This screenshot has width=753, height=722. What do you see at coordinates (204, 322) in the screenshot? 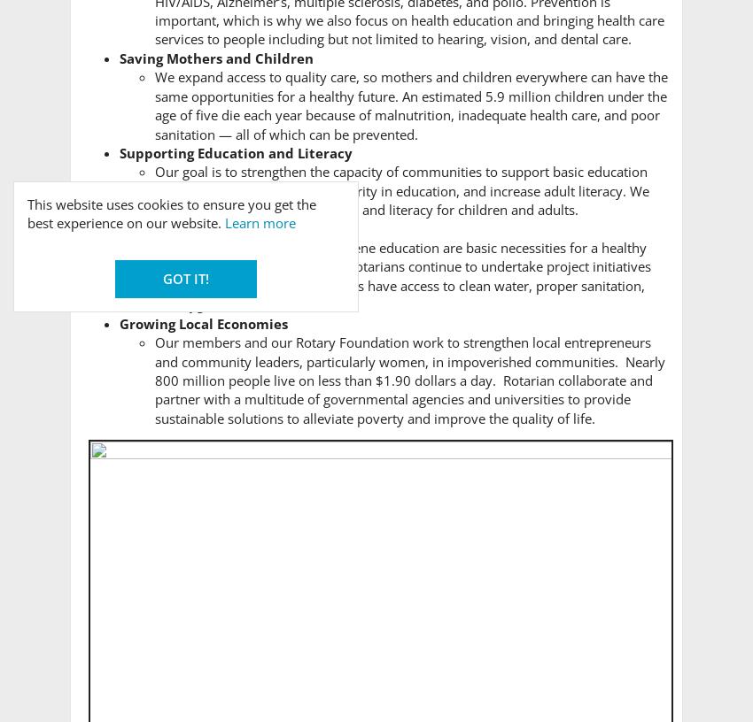
I see `'Growing Local Economies'` at bounding box center [204, 322].